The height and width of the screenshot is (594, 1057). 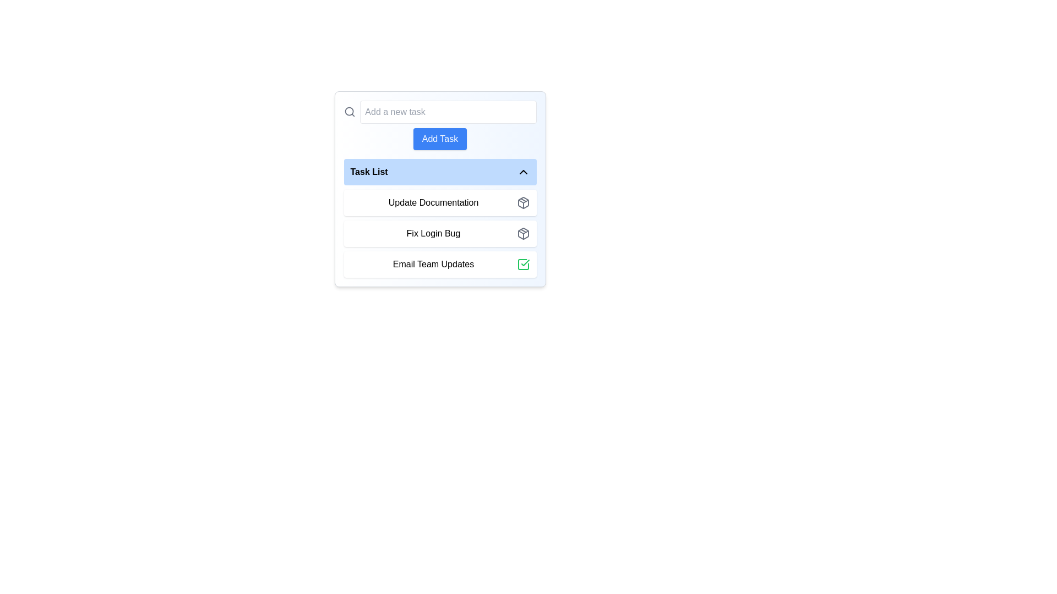 I want to click on text content of the Text Label located at the top-left of the blue rounded-corner box, which indicates the task list section, so click(x=369, y=172).